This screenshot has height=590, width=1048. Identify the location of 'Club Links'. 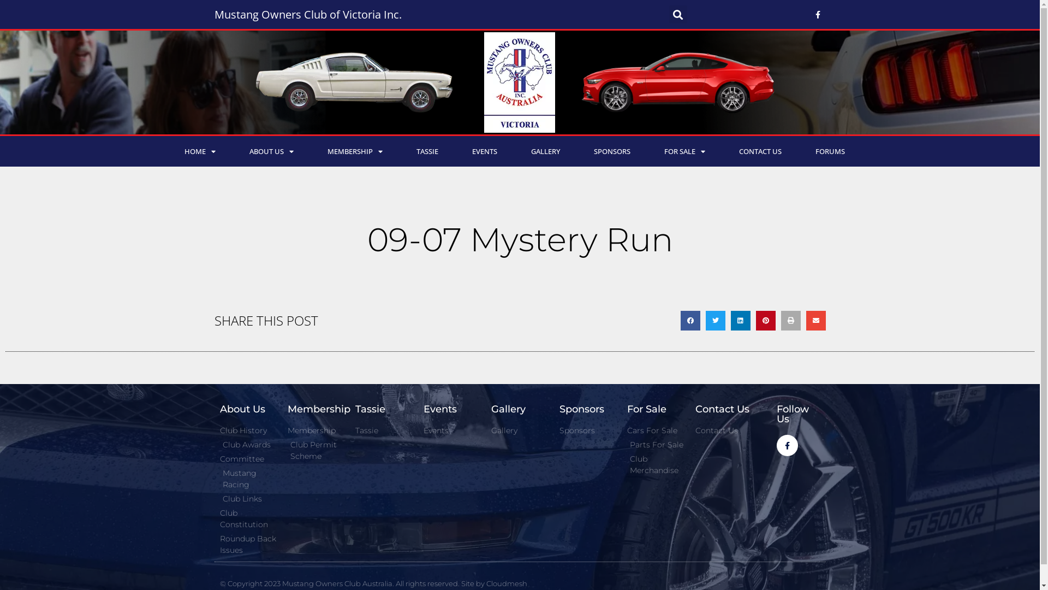
(247, 499).